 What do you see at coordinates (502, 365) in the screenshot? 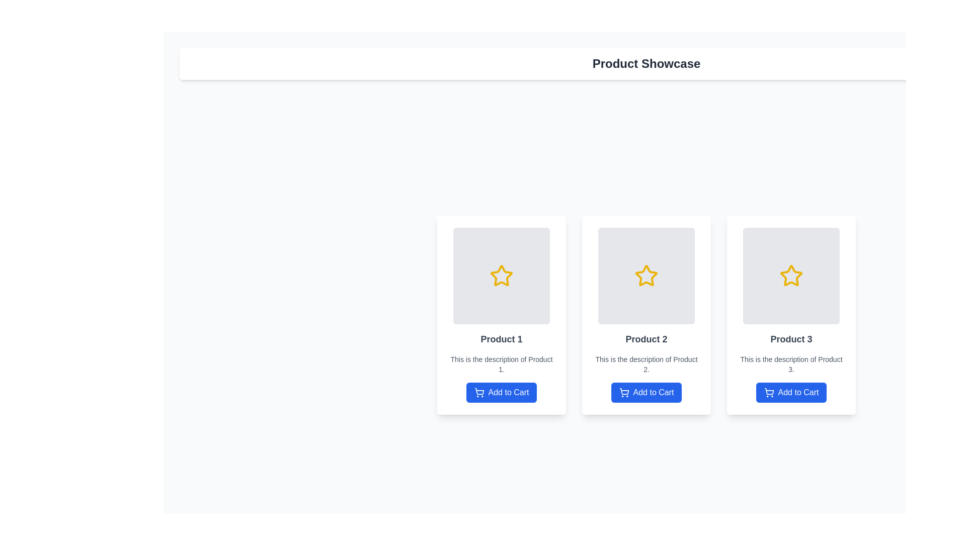
I see `the text description of Product 1, which is positioned centrally beneath the 'Product 1' title and above the 'Add to Cart' button in the product card` at bounding box center [502, 365].